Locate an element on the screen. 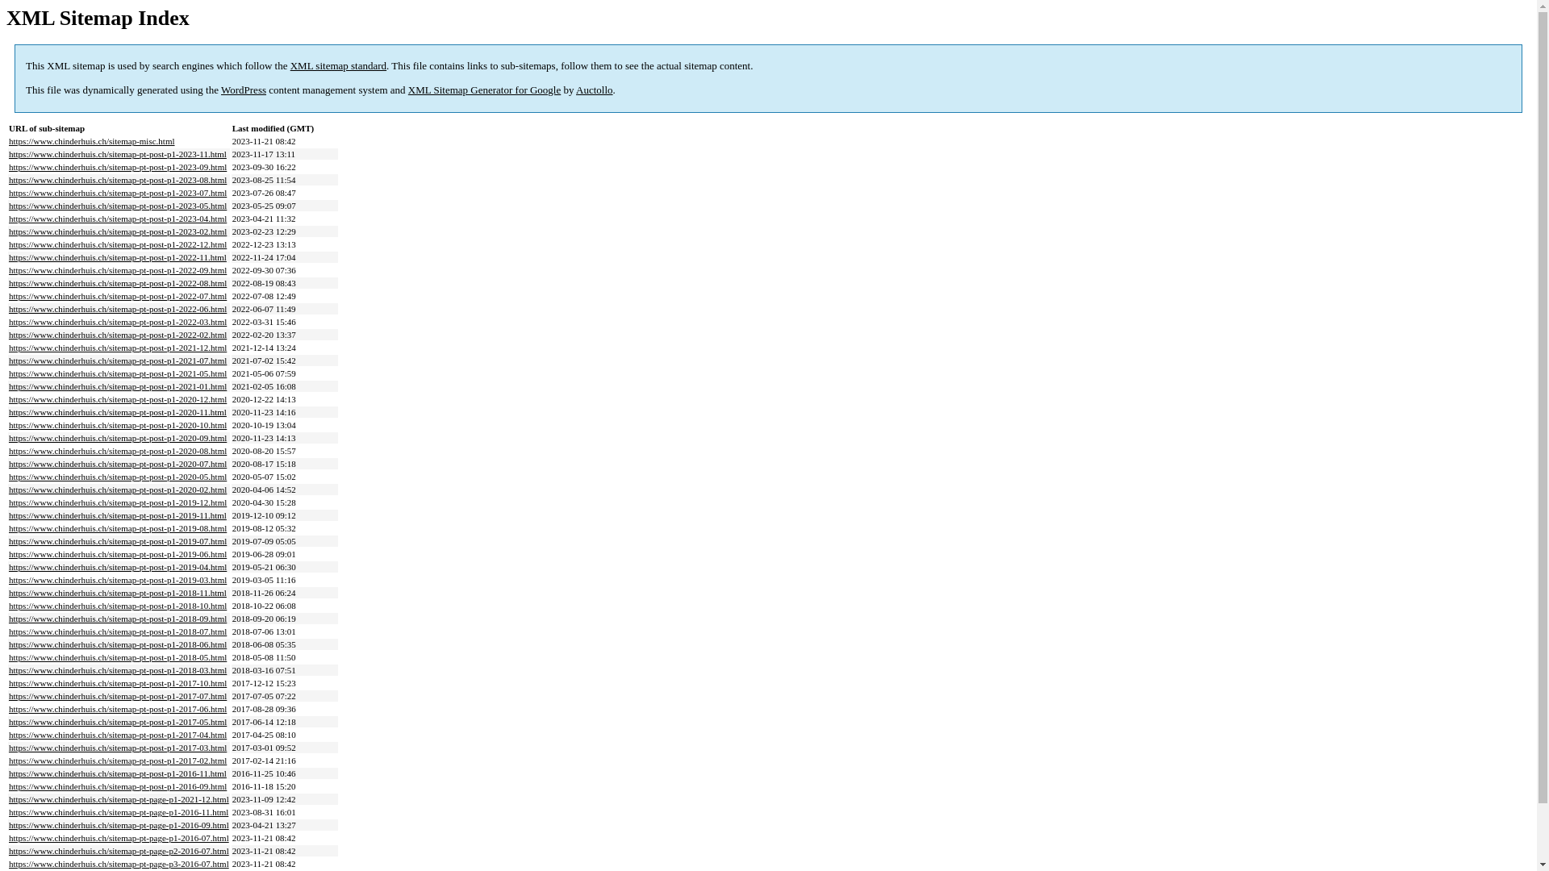 Image resolution: width=1549 pixels, height=871 pixels. 'WordPress' is located at coordinates (243, 90).